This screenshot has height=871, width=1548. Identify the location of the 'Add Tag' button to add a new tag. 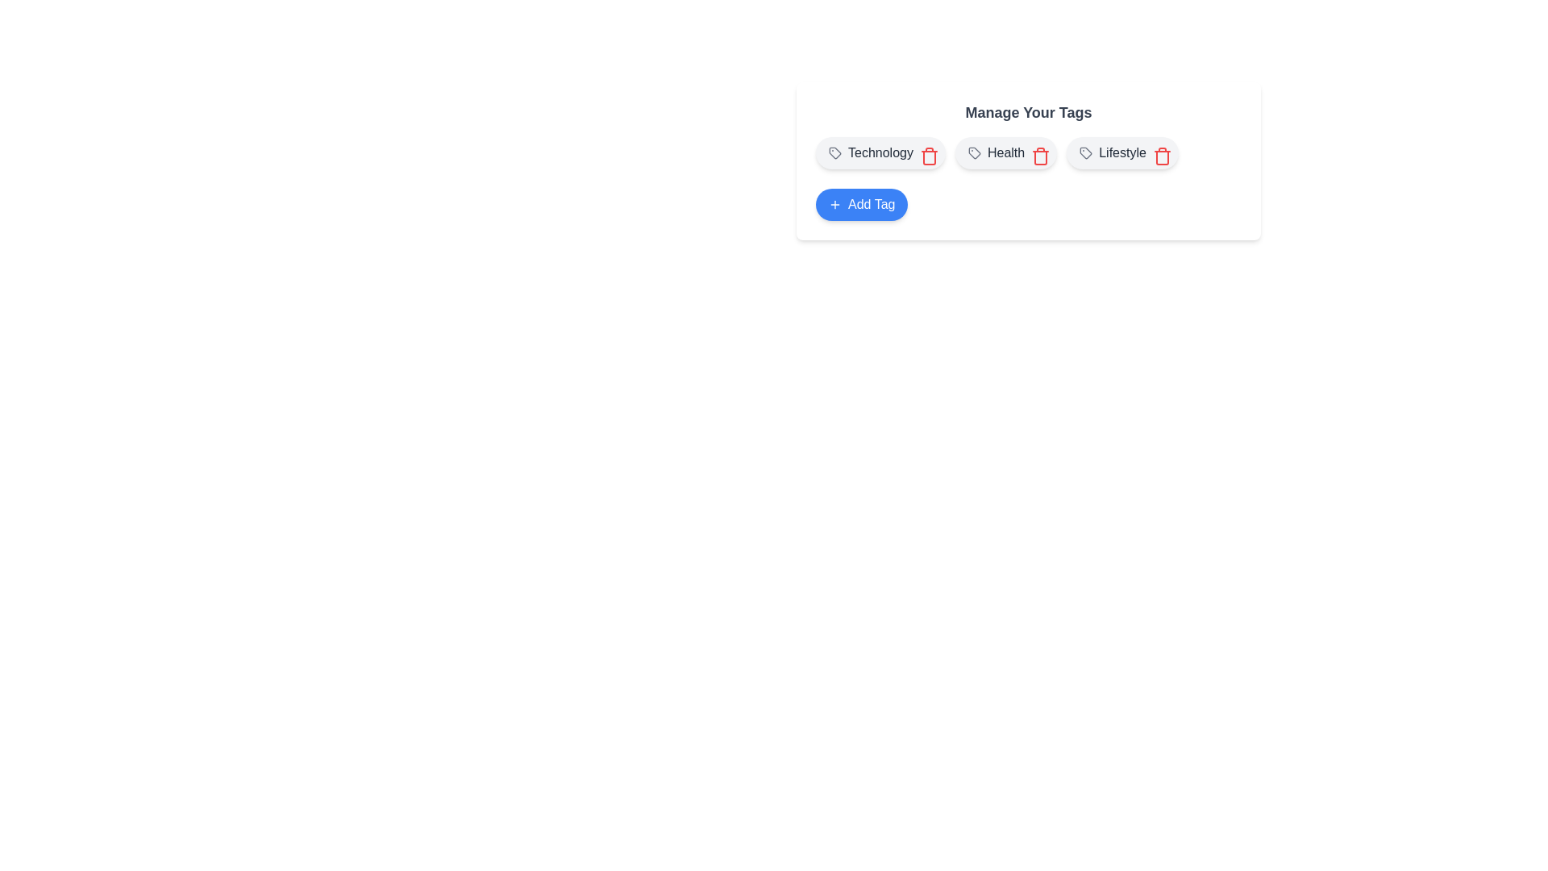
(861, 204).